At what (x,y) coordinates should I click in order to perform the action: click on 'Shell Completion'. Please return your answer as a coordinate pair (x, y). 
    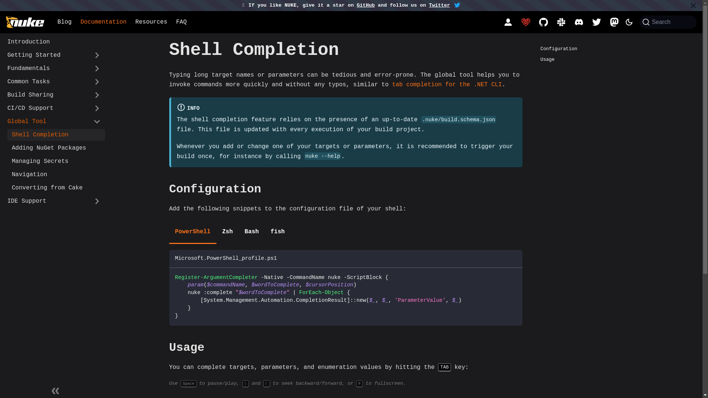
    Looking at the image, I should click on (56, 135).